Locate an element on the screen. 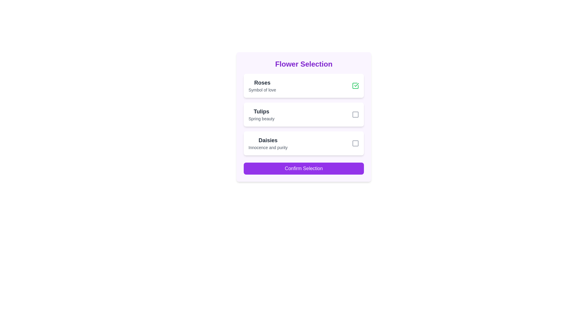  the 'Tulips' selectable card option, which is the second option in the list of flower choices, located between the 'Roses' and 'Daisies' cards is located at coordinates (304, 117).